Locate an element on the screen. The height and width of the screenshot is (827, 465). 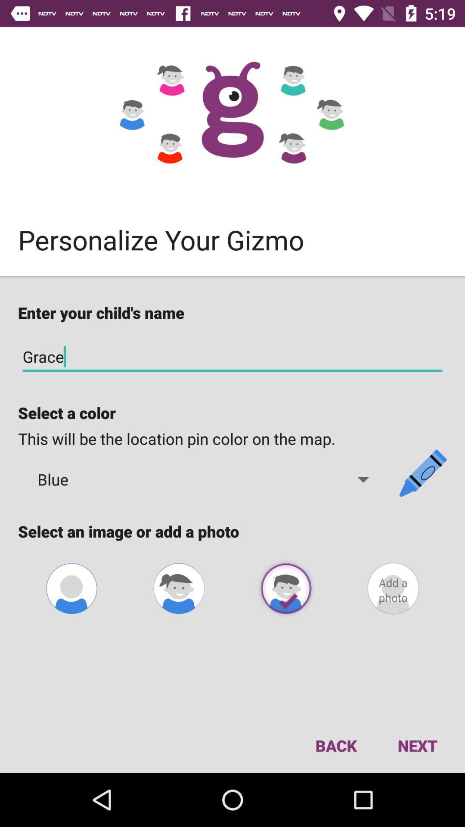
the avatar icon is located at coordinates (178, 588).